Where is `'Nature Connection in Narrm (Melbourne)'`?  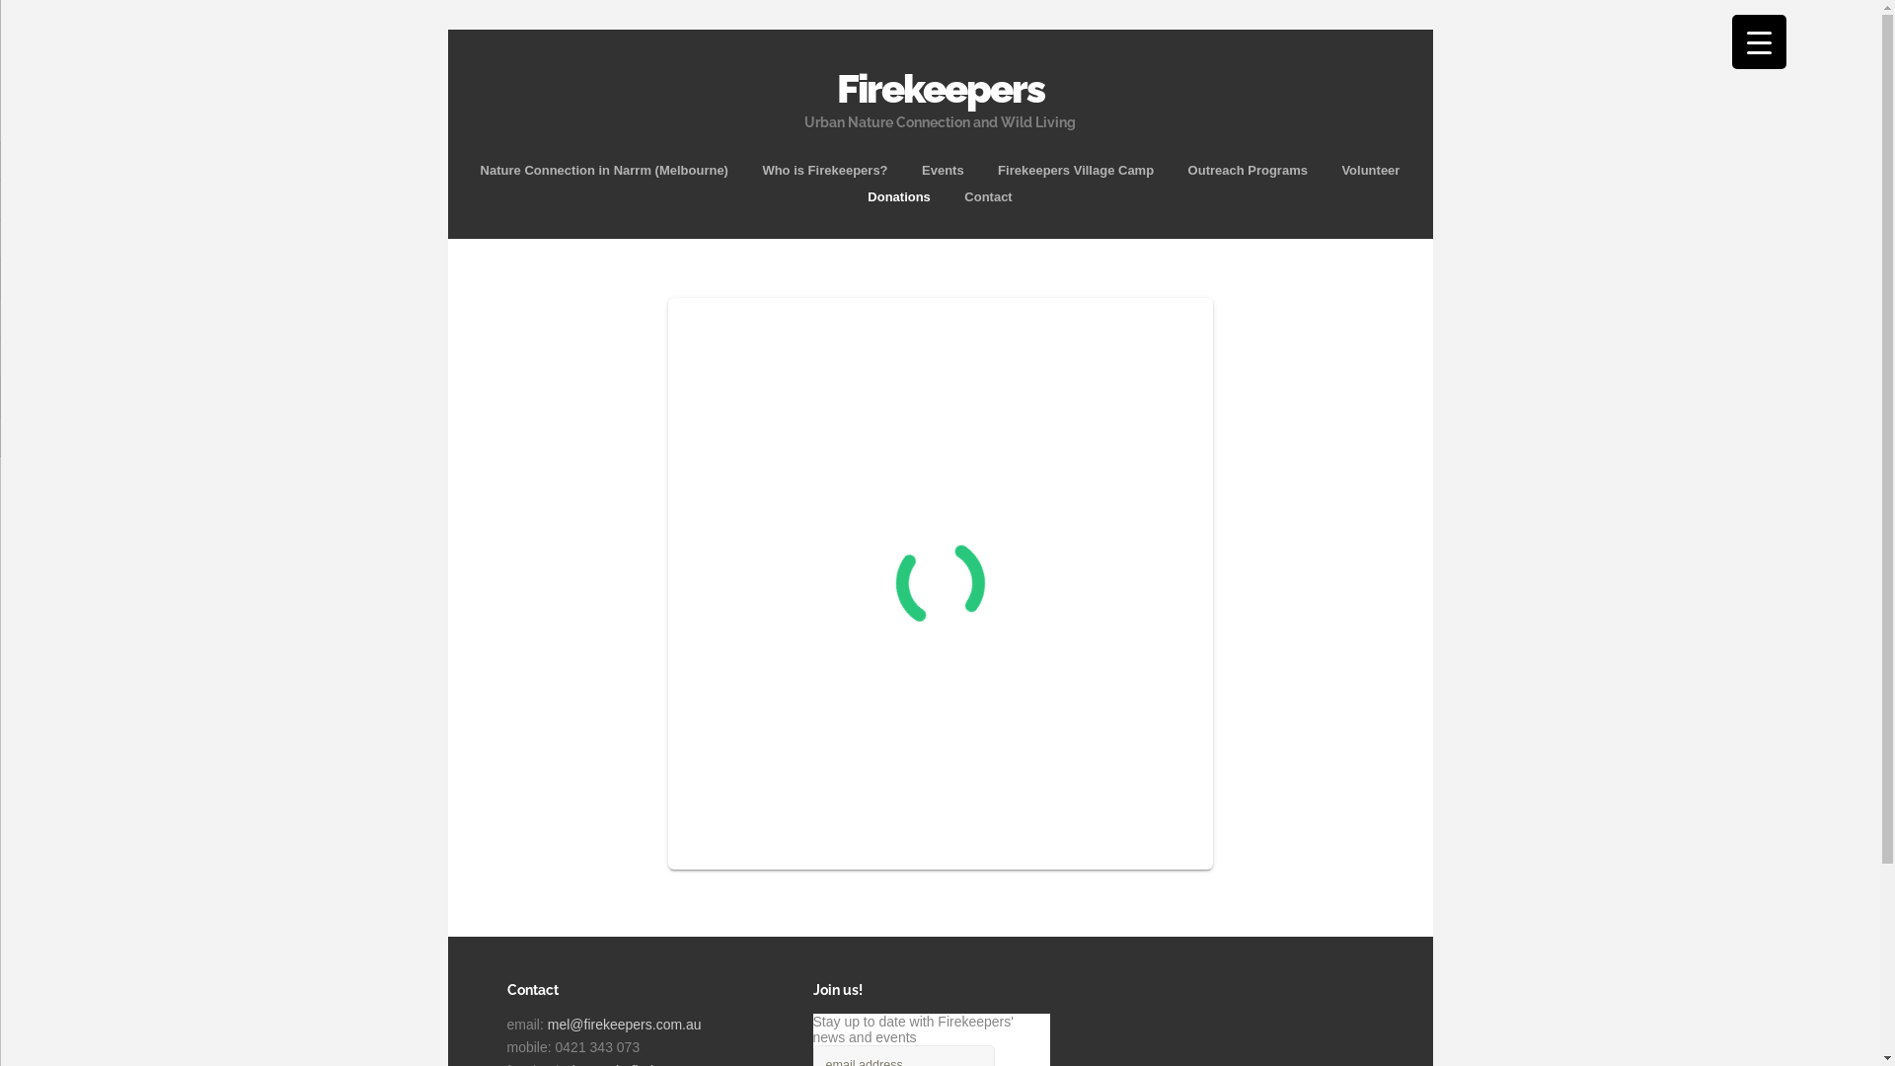
'Nature Connection in Narrm (Melbourne)' is located at coordinates (603, 169).